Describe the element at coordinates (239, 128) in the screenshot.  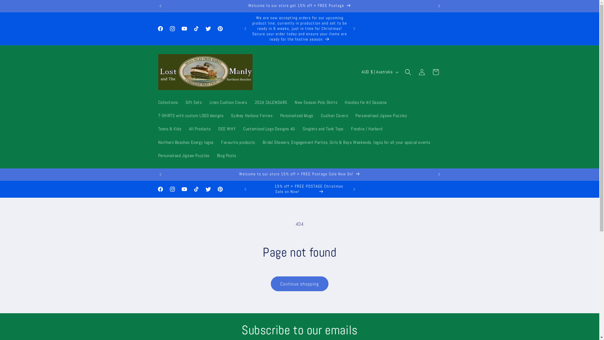
I see `'Customised Logo Designs 4U'` at that location.